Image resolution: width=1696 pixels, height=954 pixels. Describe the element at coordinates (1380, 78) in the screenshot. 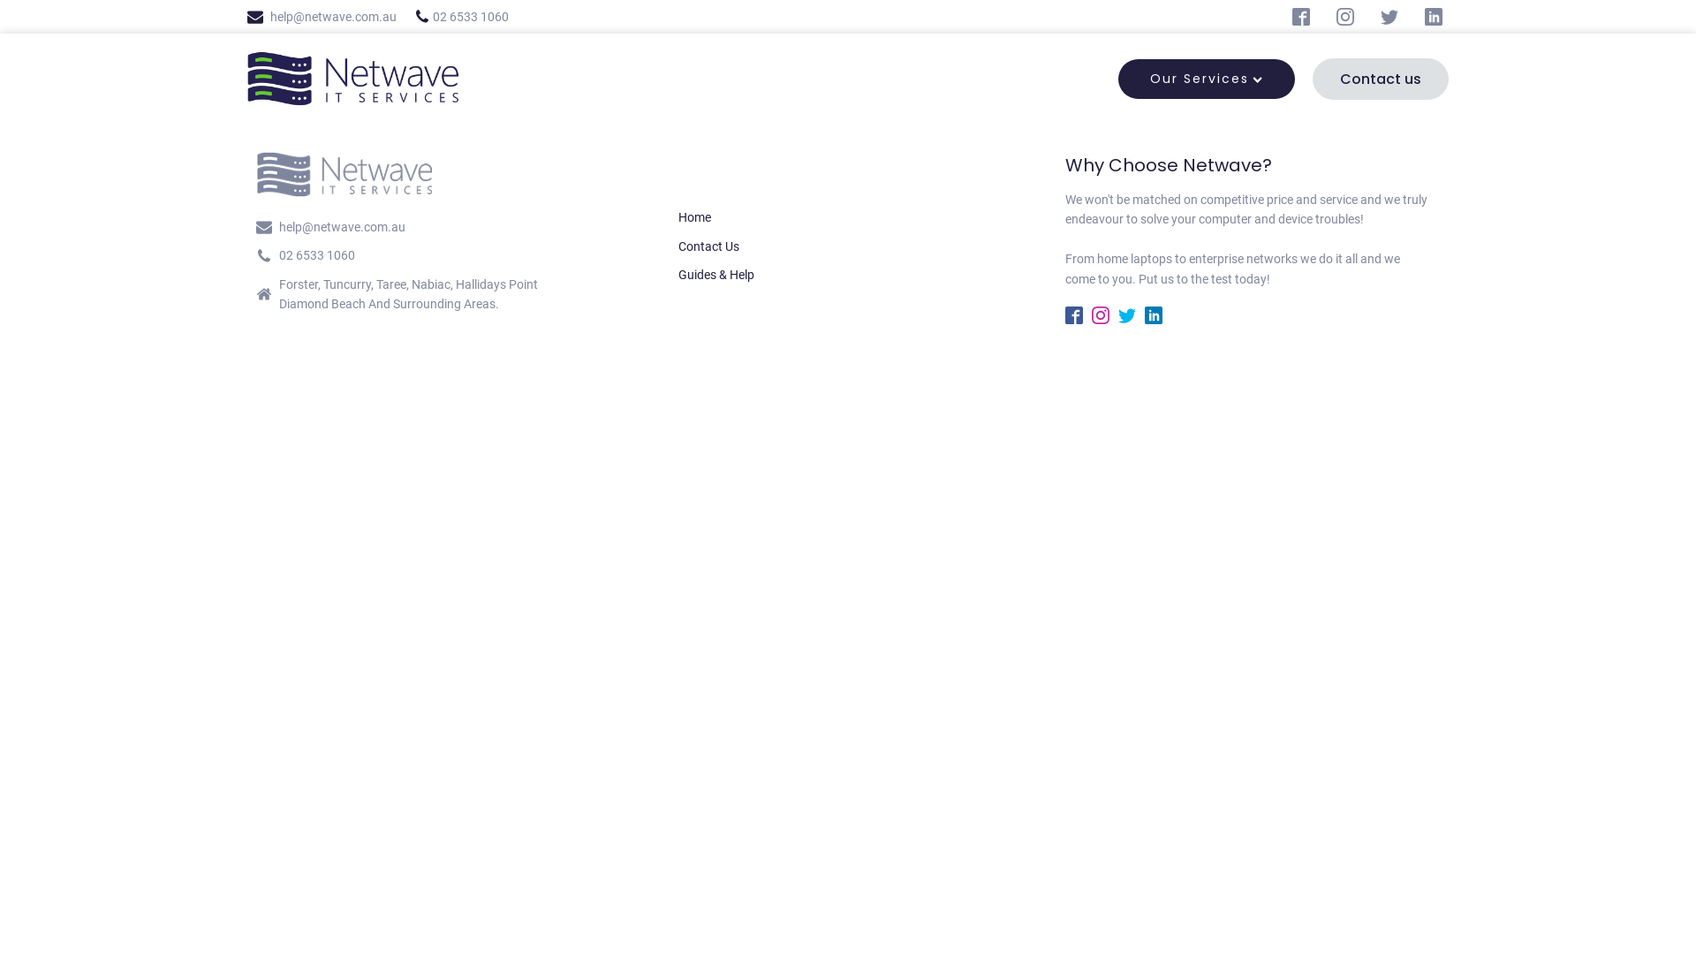

I see `'Contact us'` at that location.